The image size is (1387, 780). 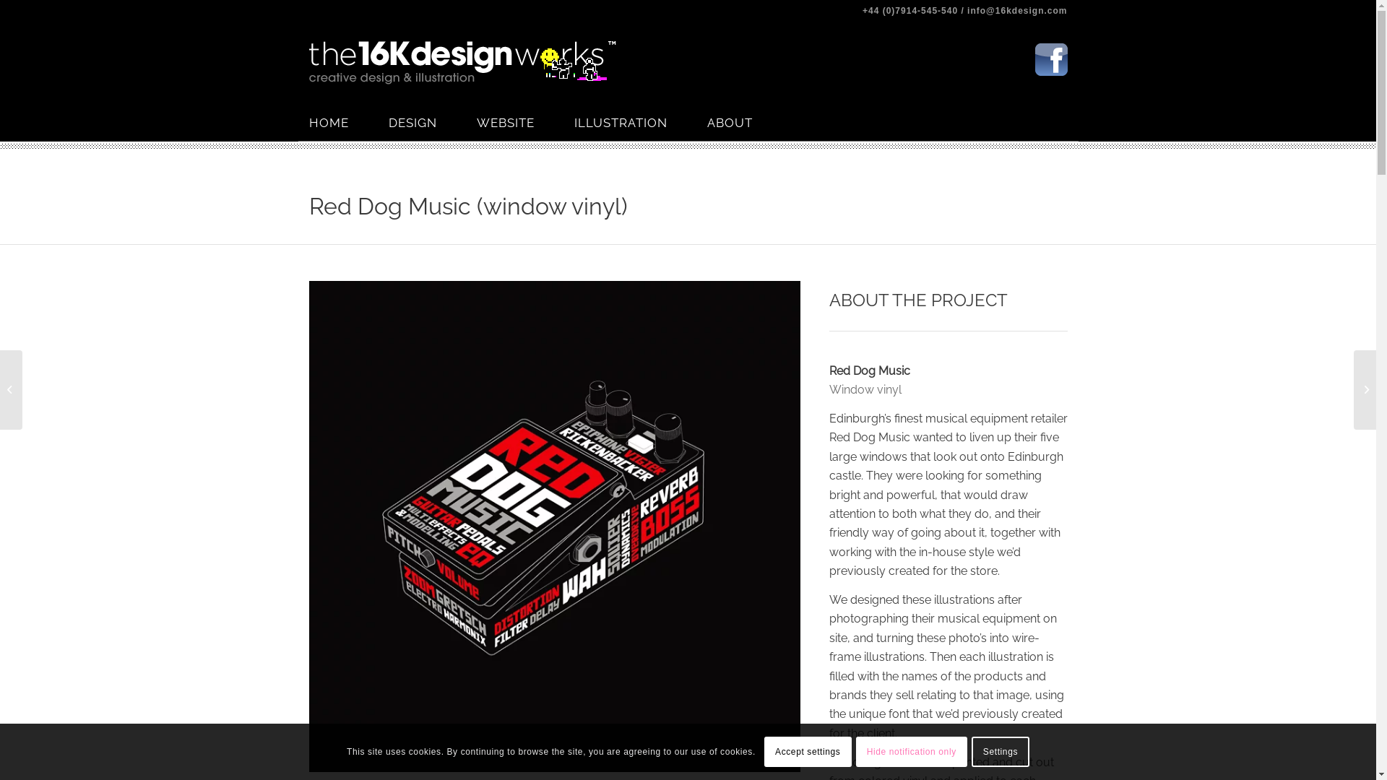 What do you see at coordinates (1000, 751) in the screenshot?
I see `'Settings'` at bounding box center [1000, 751].